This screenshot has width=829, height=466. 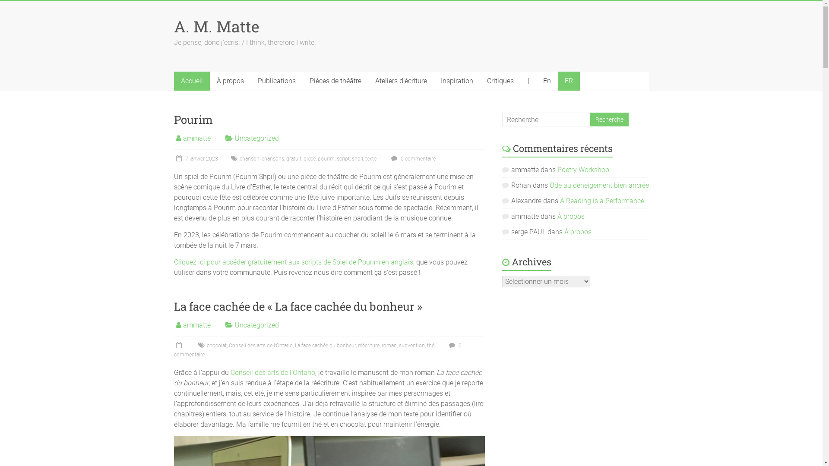 What do you see at coordinates (389, 345) in the screenshot?
I see `'roman'` at bounding box center [389, 345].